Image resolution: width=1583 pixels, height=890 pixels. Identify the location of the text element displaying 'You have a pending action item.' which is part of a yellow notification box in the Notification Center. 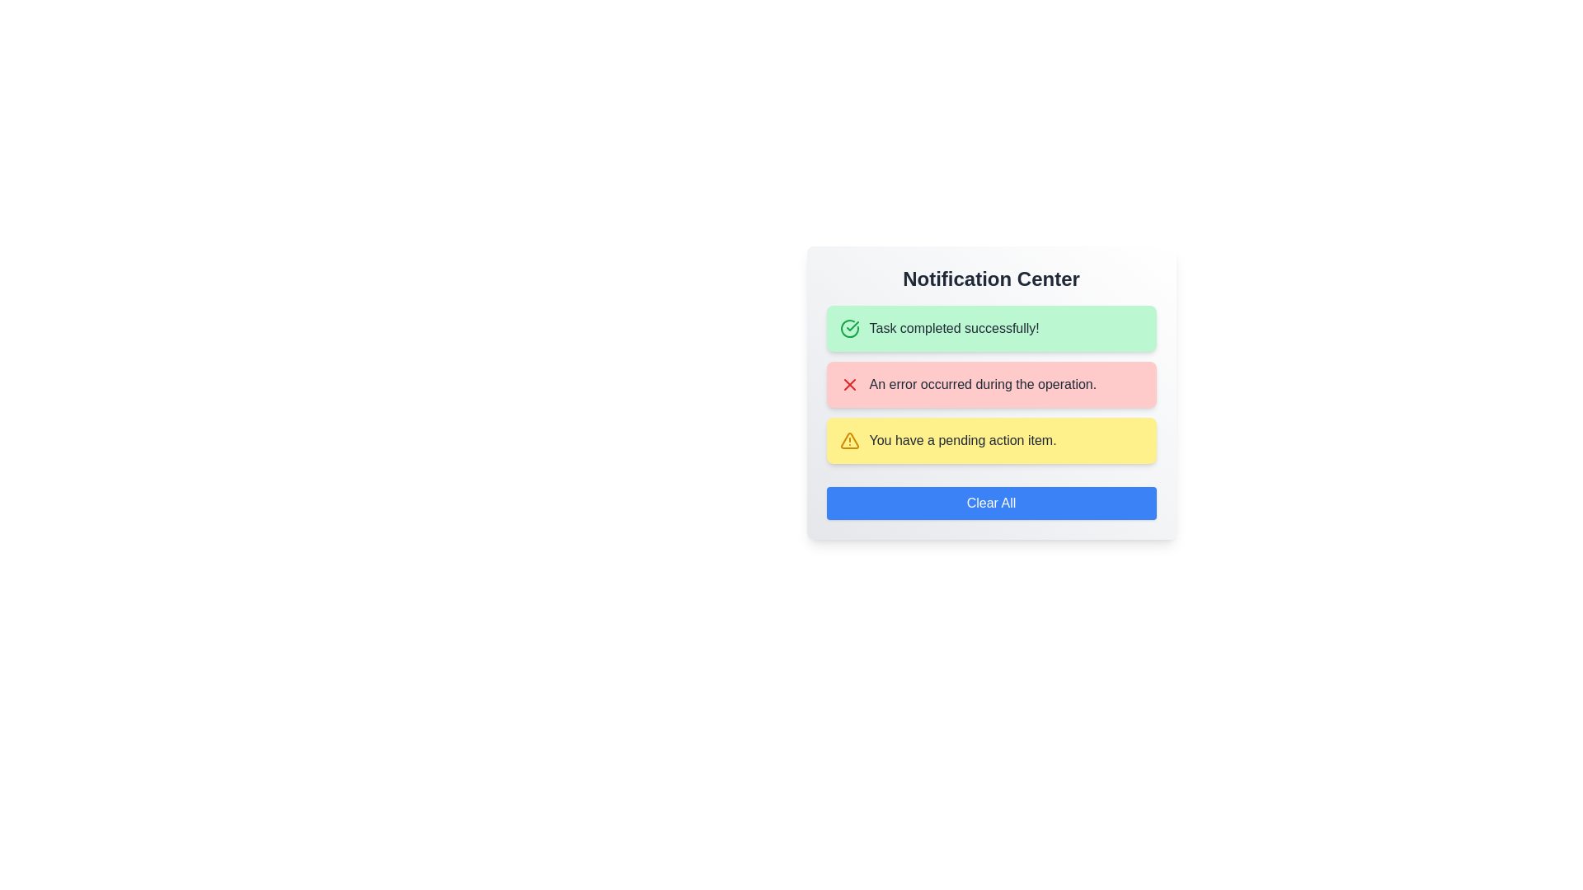
(963, 440).